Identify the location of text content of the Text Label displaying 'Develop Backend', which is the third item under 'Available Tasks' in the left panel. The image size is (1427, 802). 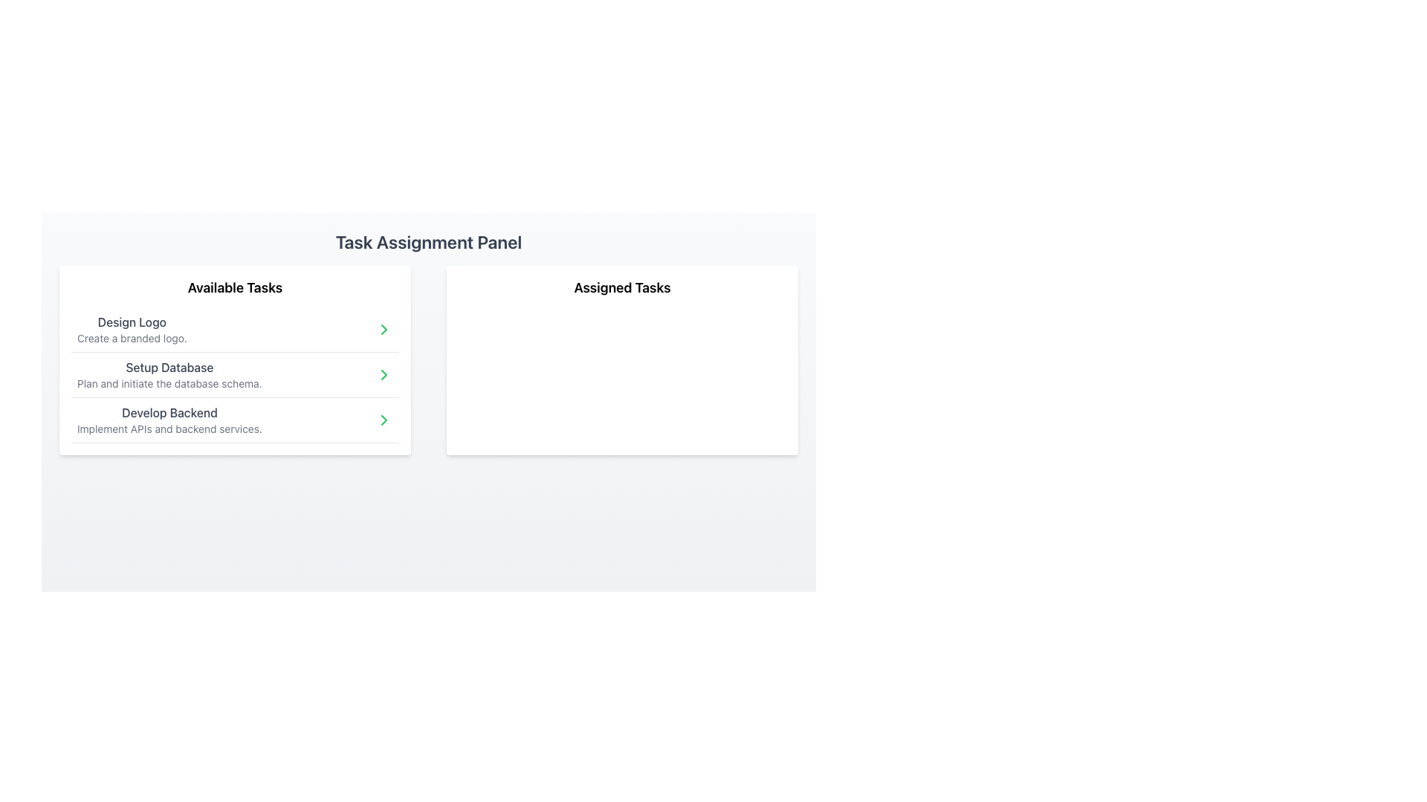
(169, 412).